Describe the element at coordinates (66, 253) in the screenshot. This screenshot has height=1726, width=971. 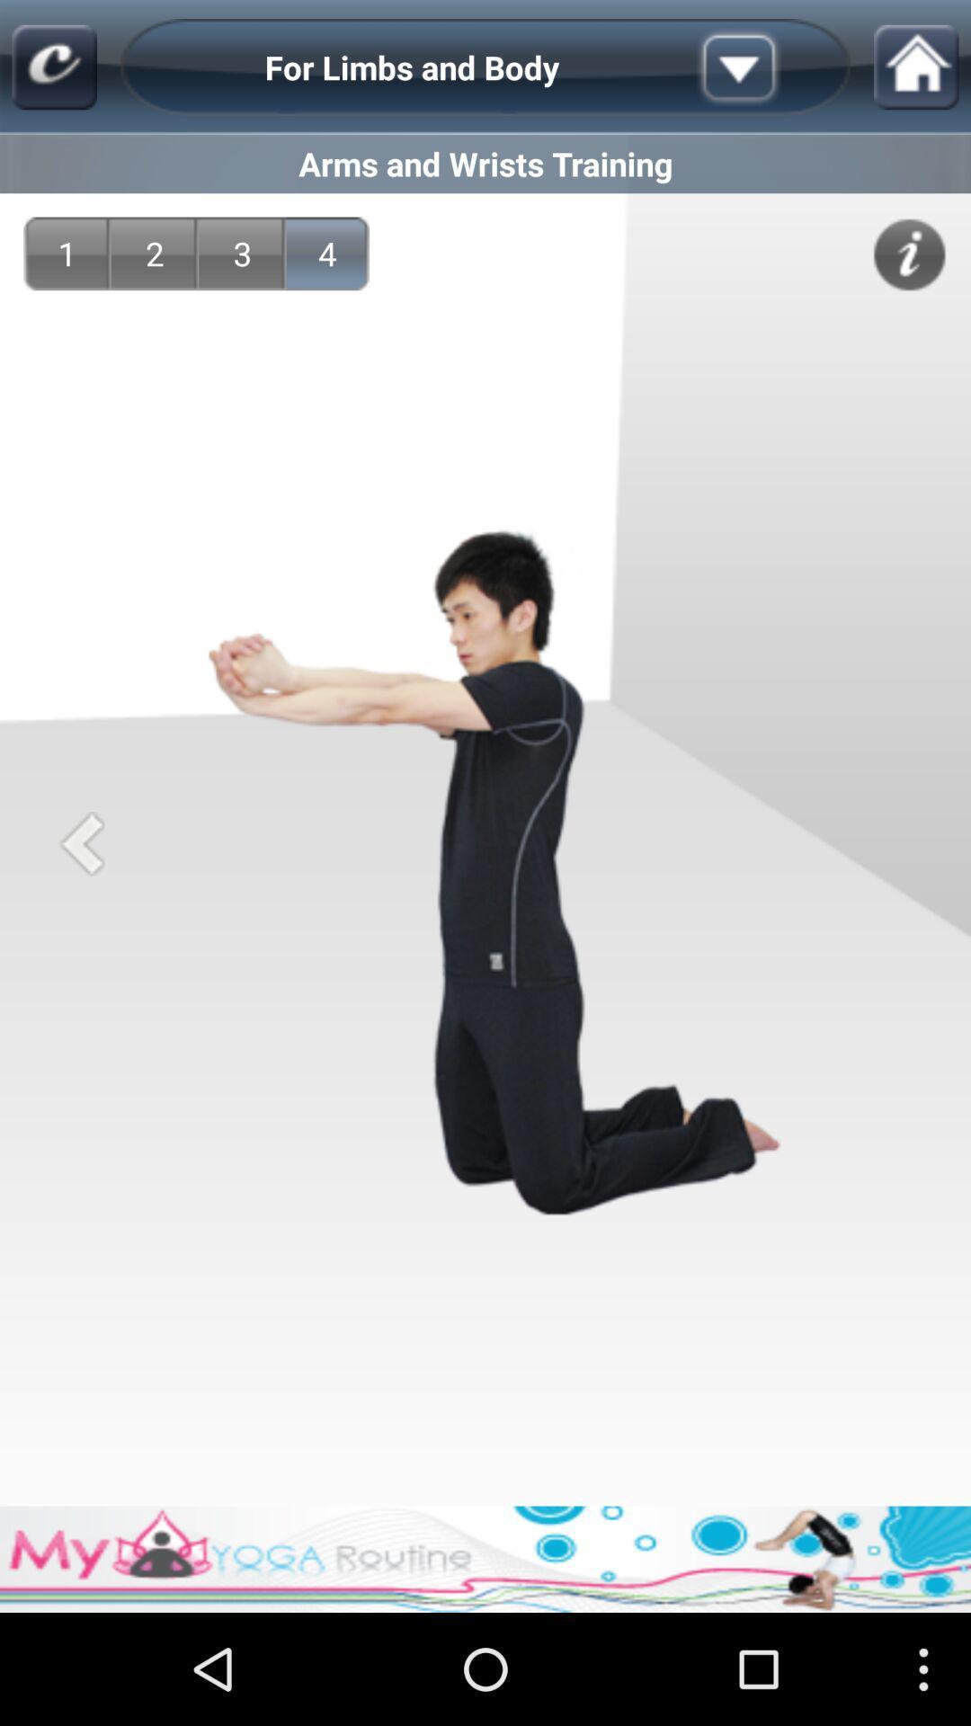
I see `item next to the 2 icon` at that location.